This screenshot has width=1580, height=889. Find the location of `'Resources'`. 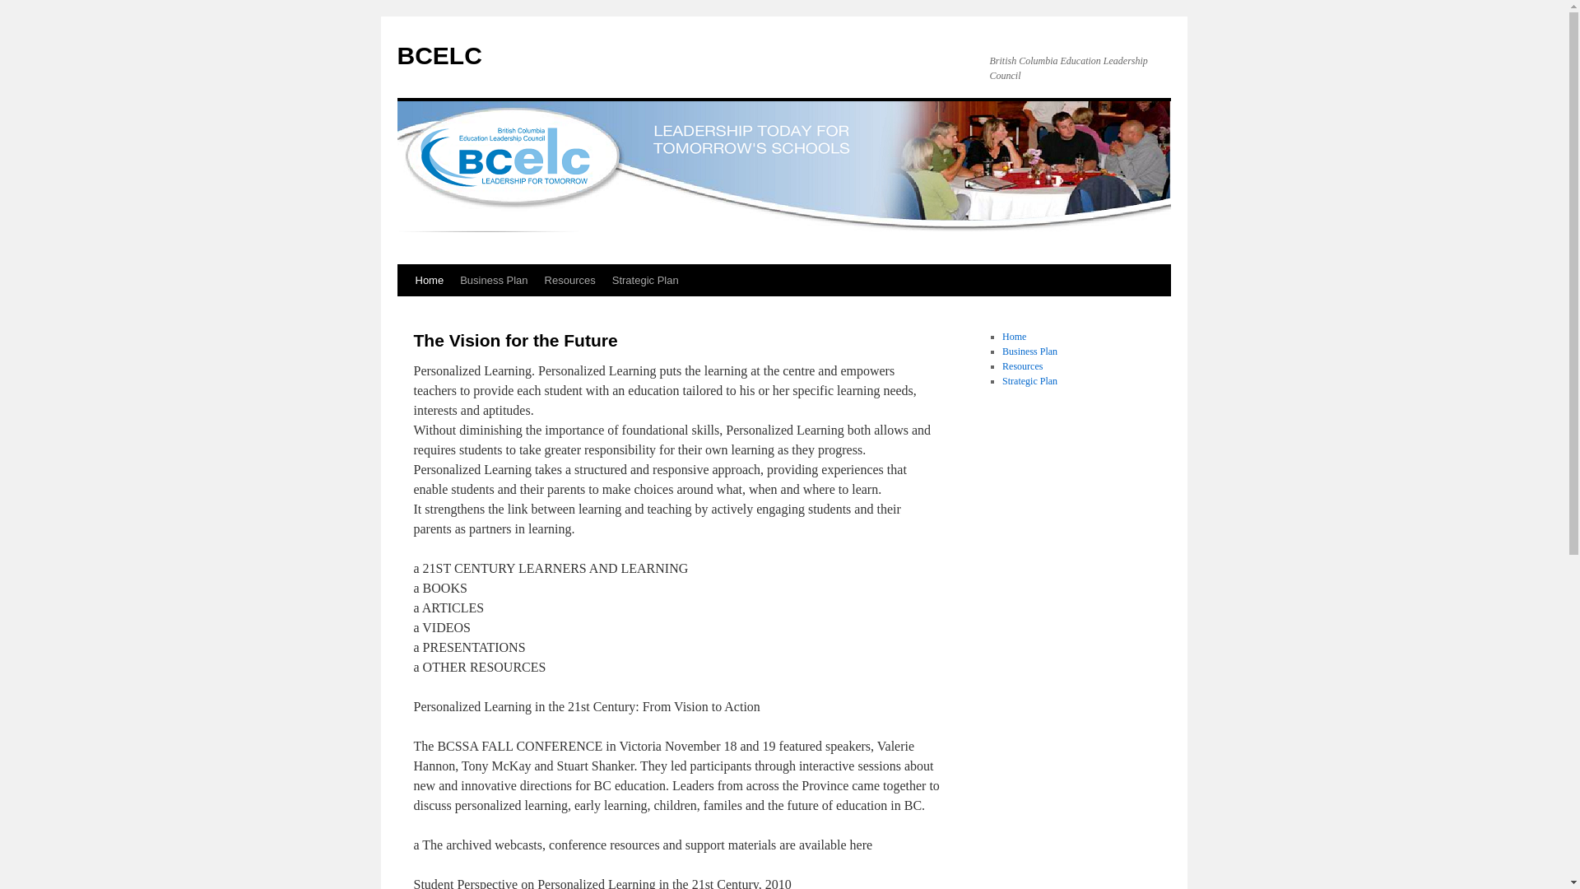

'Resources' is located at coordinates (537, 279).